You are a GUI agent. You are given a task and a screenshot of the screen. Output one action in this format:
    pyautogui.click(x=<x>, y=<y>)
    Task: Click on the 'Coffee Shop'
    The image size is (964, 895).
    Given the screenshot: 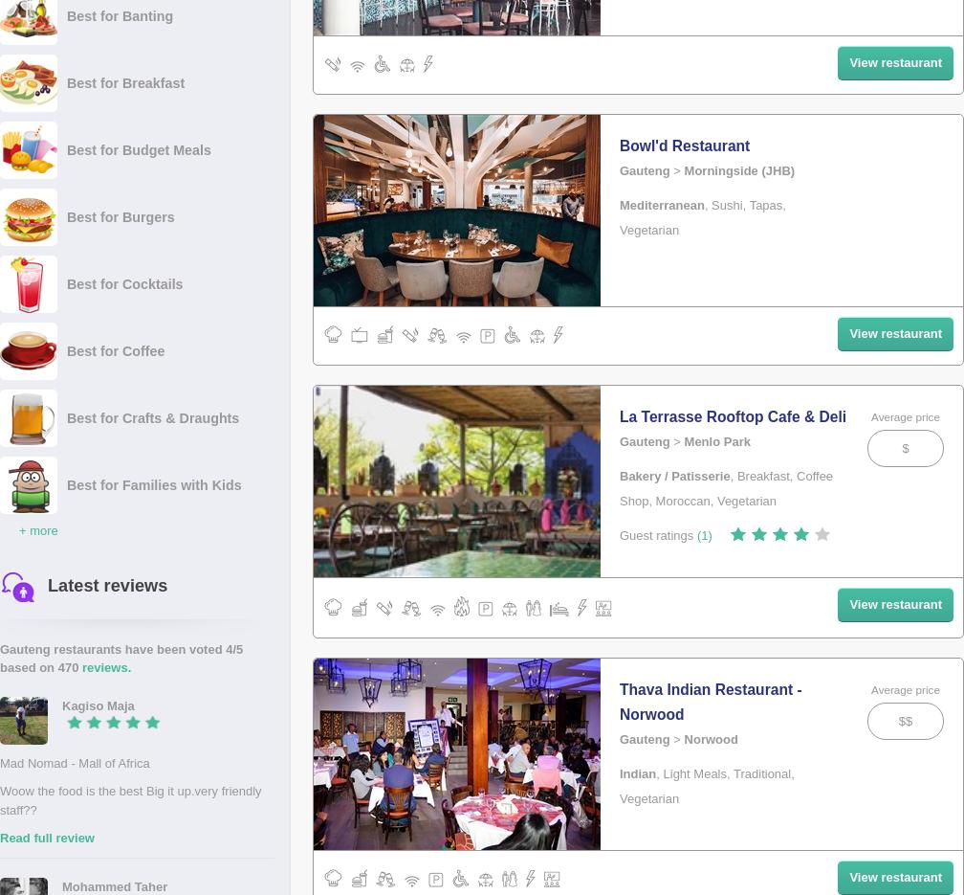 What is the action you would take?
    pyautogui.click(x=620, y=487)
    